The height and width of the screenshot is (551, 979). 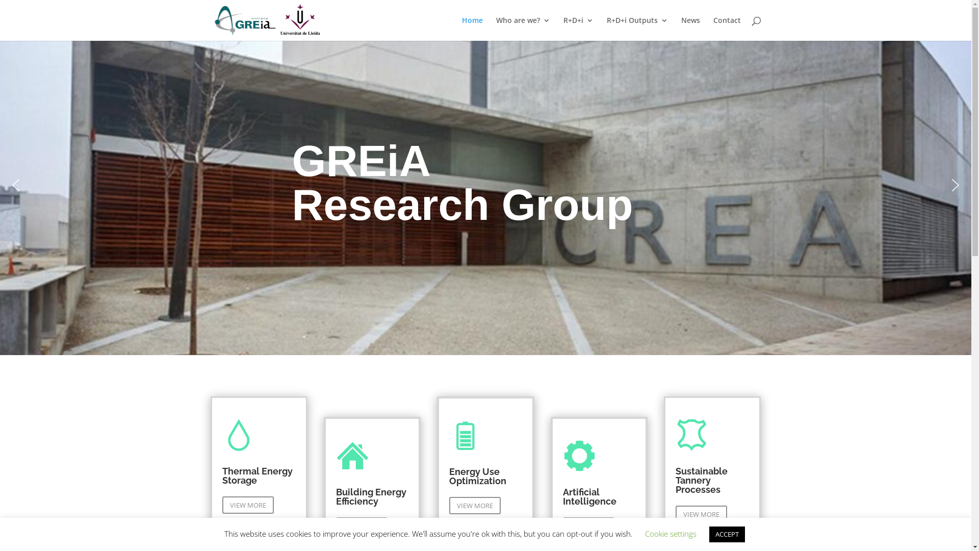 What do you see at coordinates (523, 28) in the screenshot?
I see `'Who are we?'` at bounding box center [523, 28].